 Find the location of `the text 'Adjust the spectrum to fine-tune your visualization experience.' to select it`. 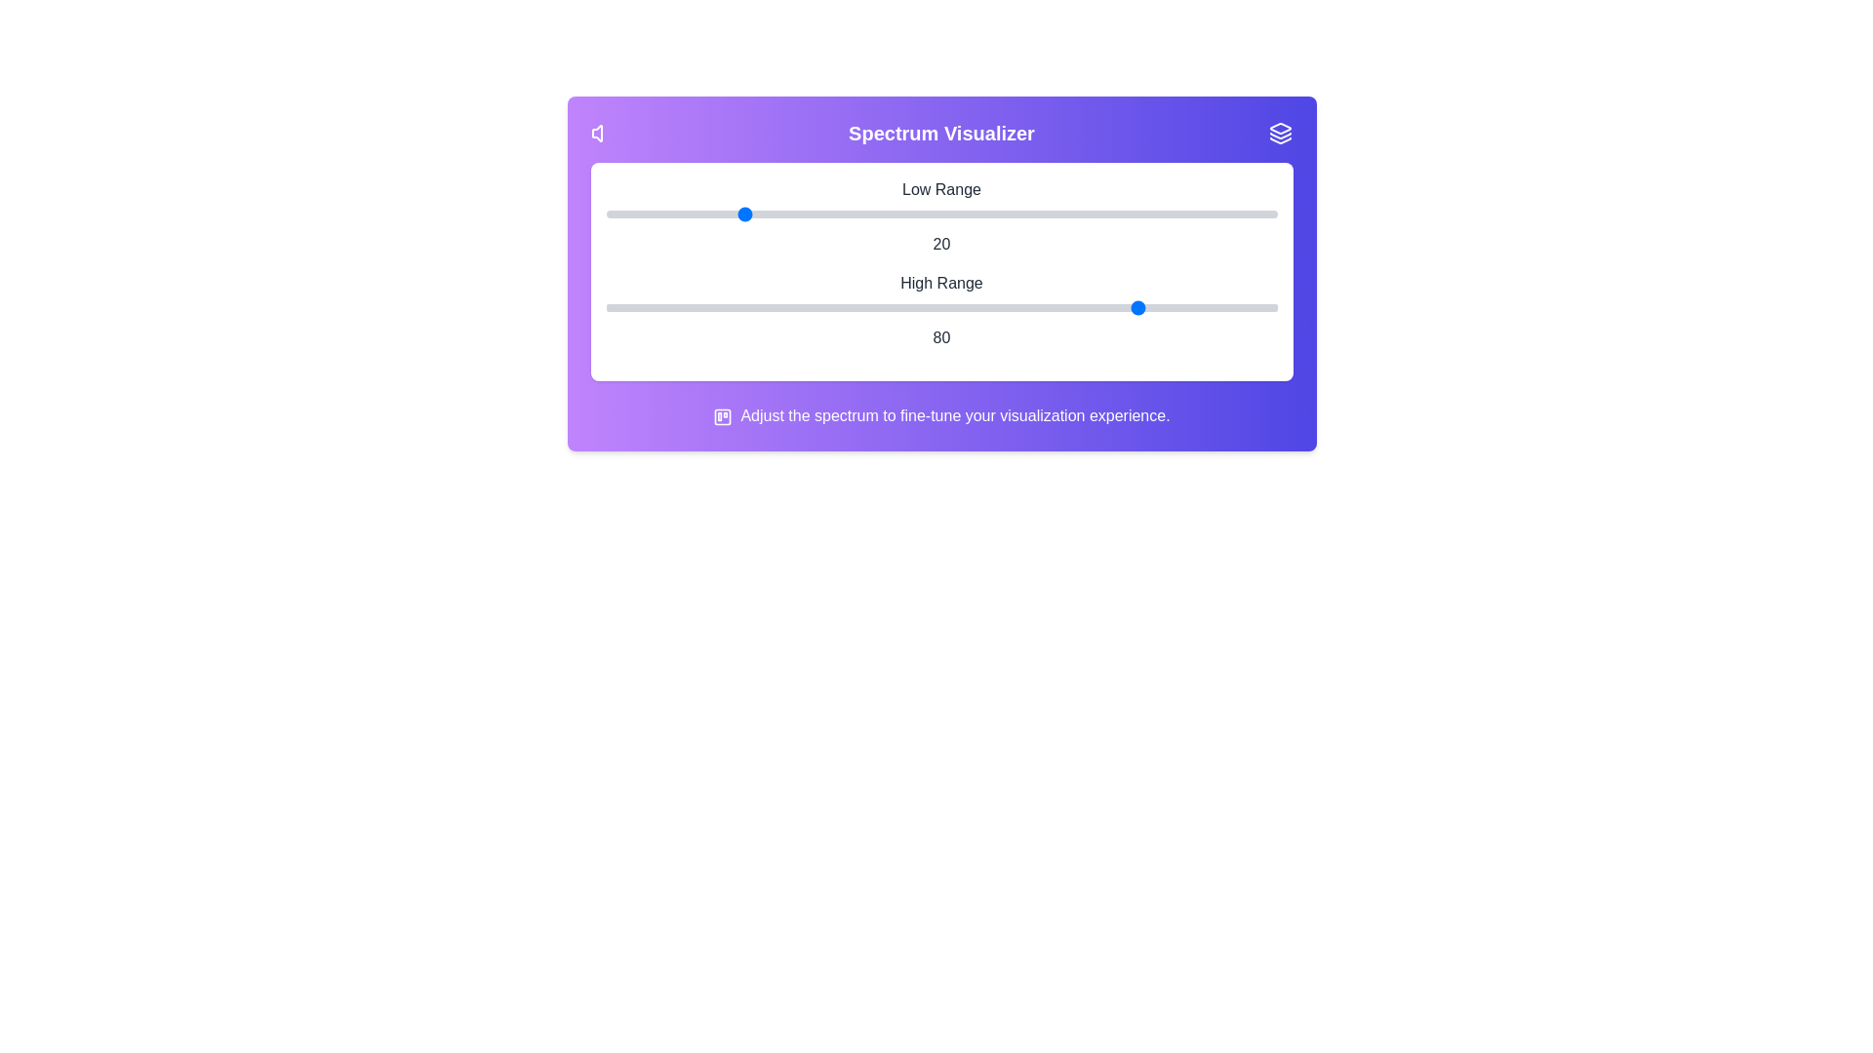

the text 'Adjust the spectrum to fine-tune your visualization experience.' to select it is located at coordinates (941, 415).